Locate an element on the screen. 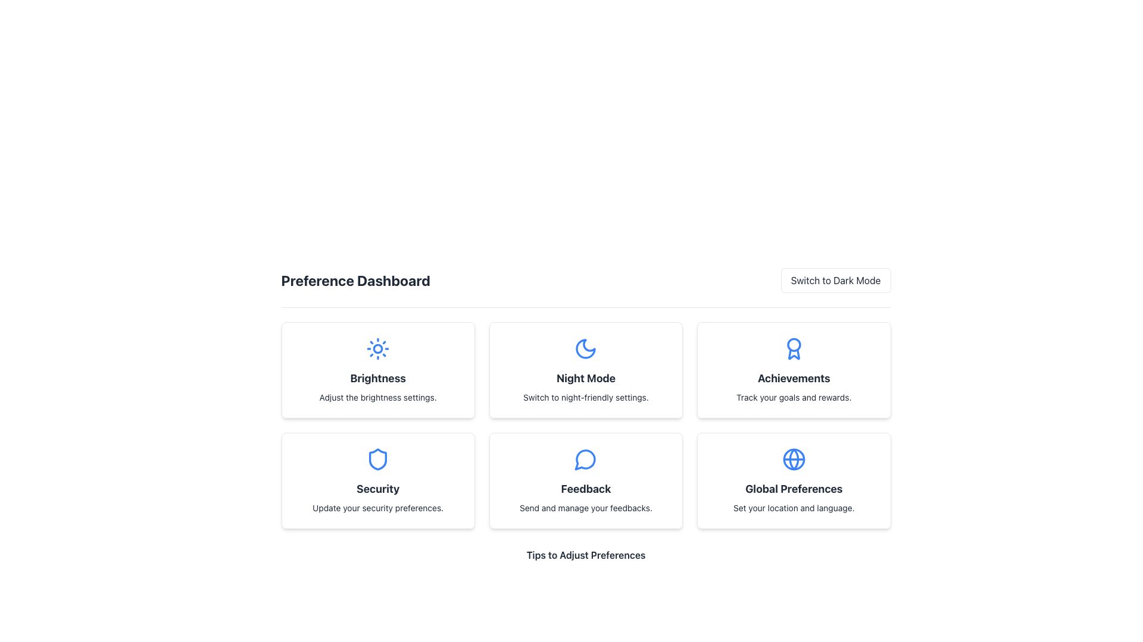 Image resolution: width=1143 pixels, height=642 pixels. the global preferences icon located within the 'Global Preferences' card, which is the last card in the second row of the preference dashboard is located at coordinates (794, 458).